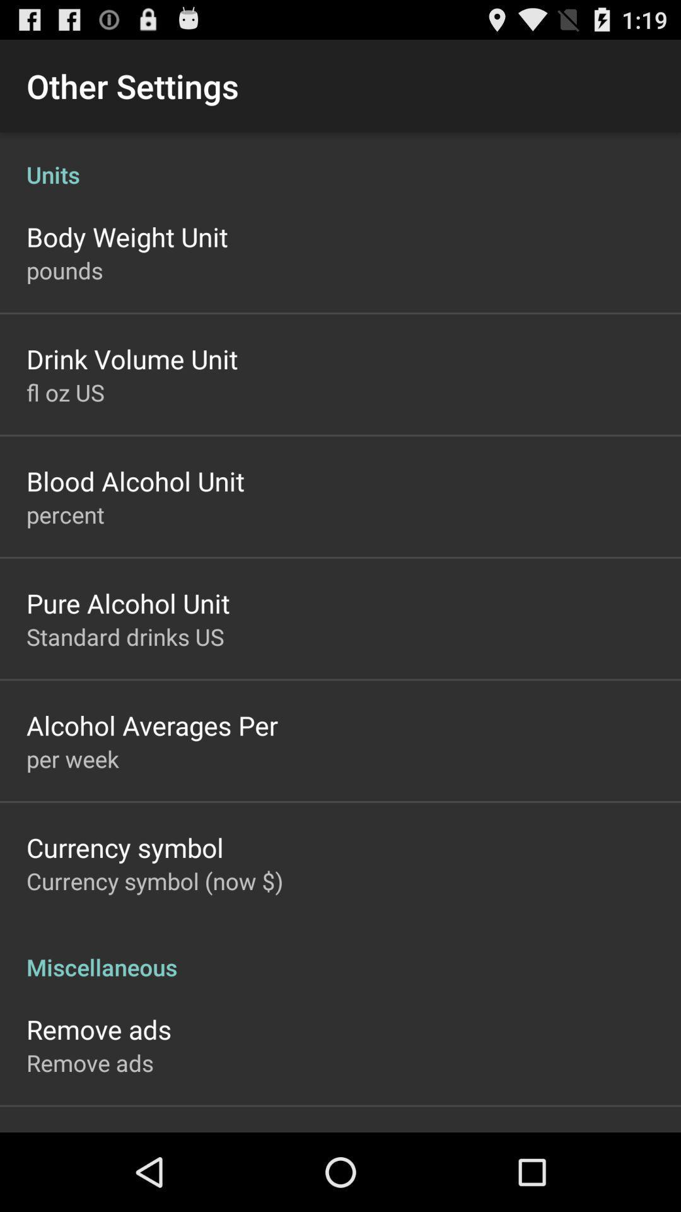 The image size is (681, 1212). Describe the element at coordinates (65, 391) in the screenshot. I see `the app below drink volume unit` at that location.